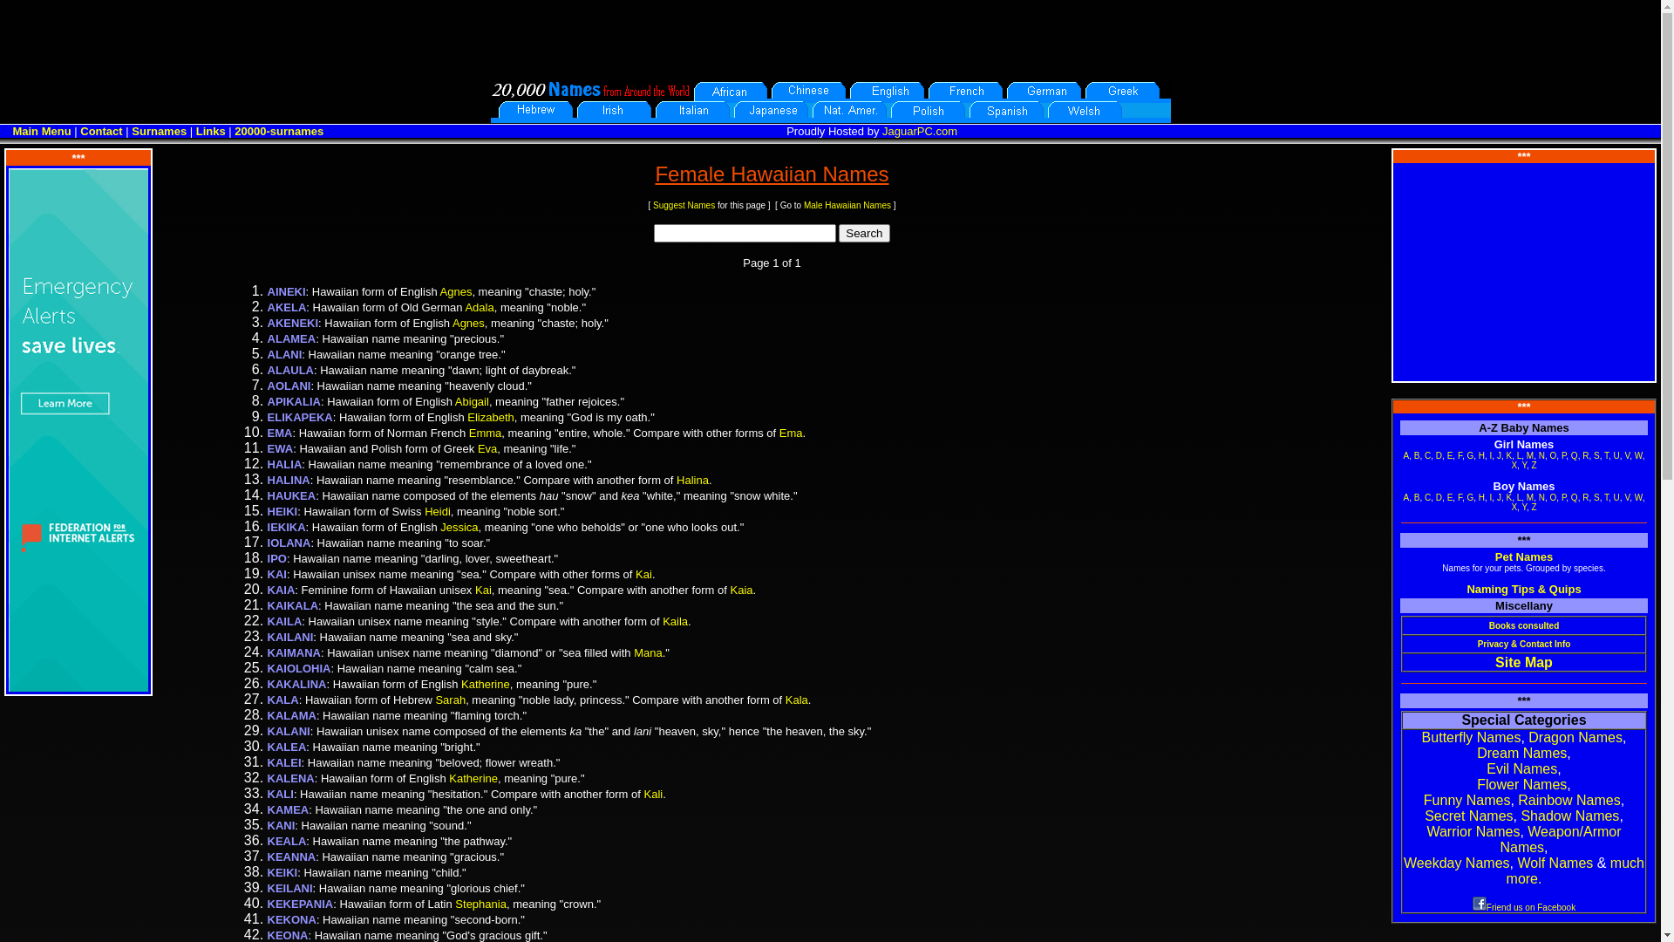  I want to click on 'A', so click(1406, 497).